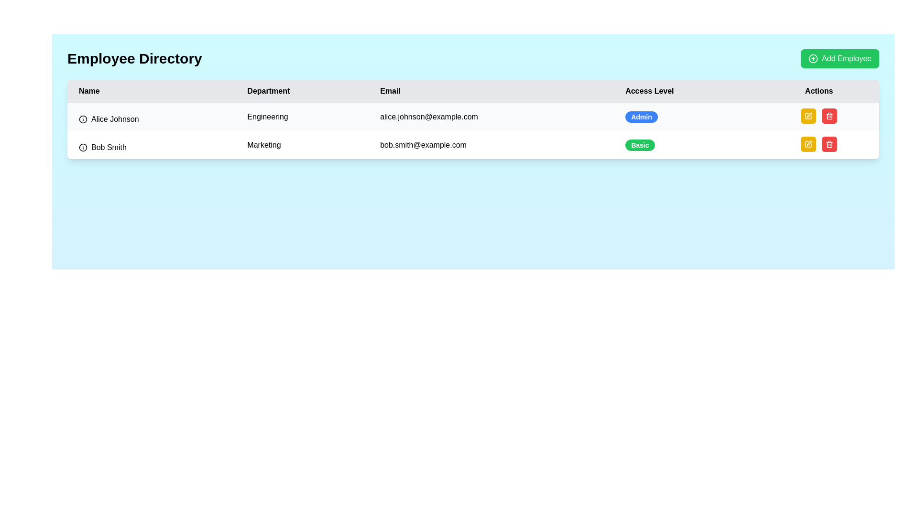 The height and width of the screenshot is (516, 918). Describe the element at coordinates (808, 116) in the screenshot. I see `the edit button located in the 'Actions' column of the first row of the table` at that location.